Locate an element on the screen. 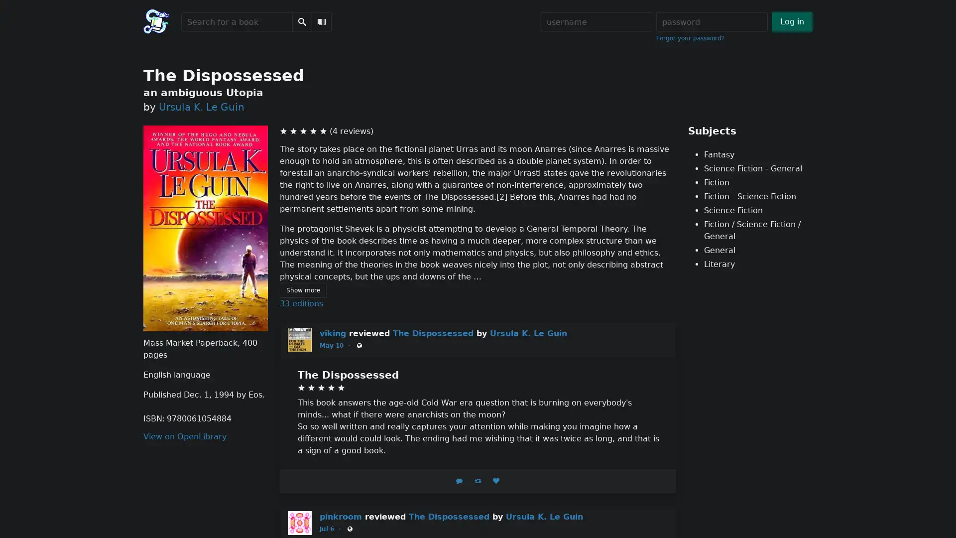 The height and width of the screenshot is (538, 956). Scan Barcode is located at coordinates (322, 21).